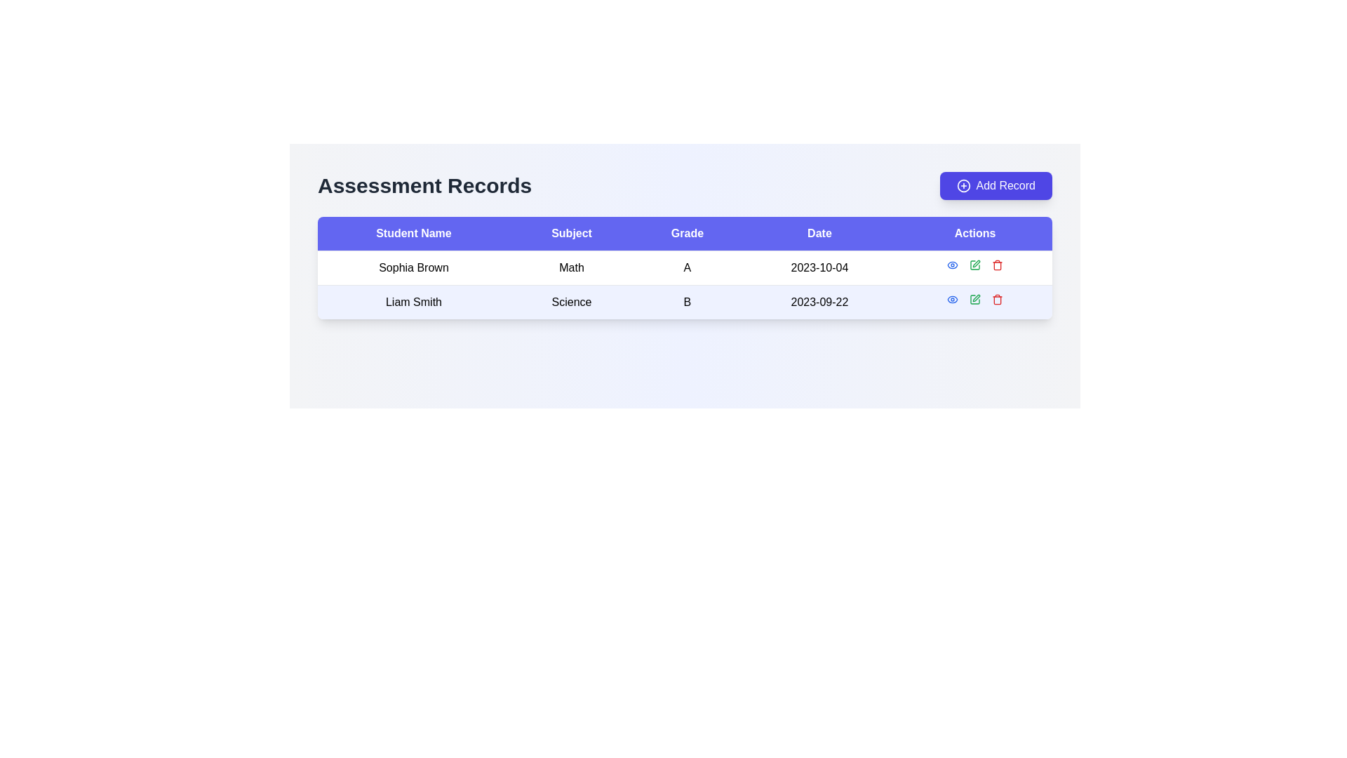 The image size is (1347, 758). Describe the element at coordinates (819, 267) in the screenshot. I see `the Text label displaying '2023-10-04', which is located in the fourth column of the first row under the header 'Date'` at that location.